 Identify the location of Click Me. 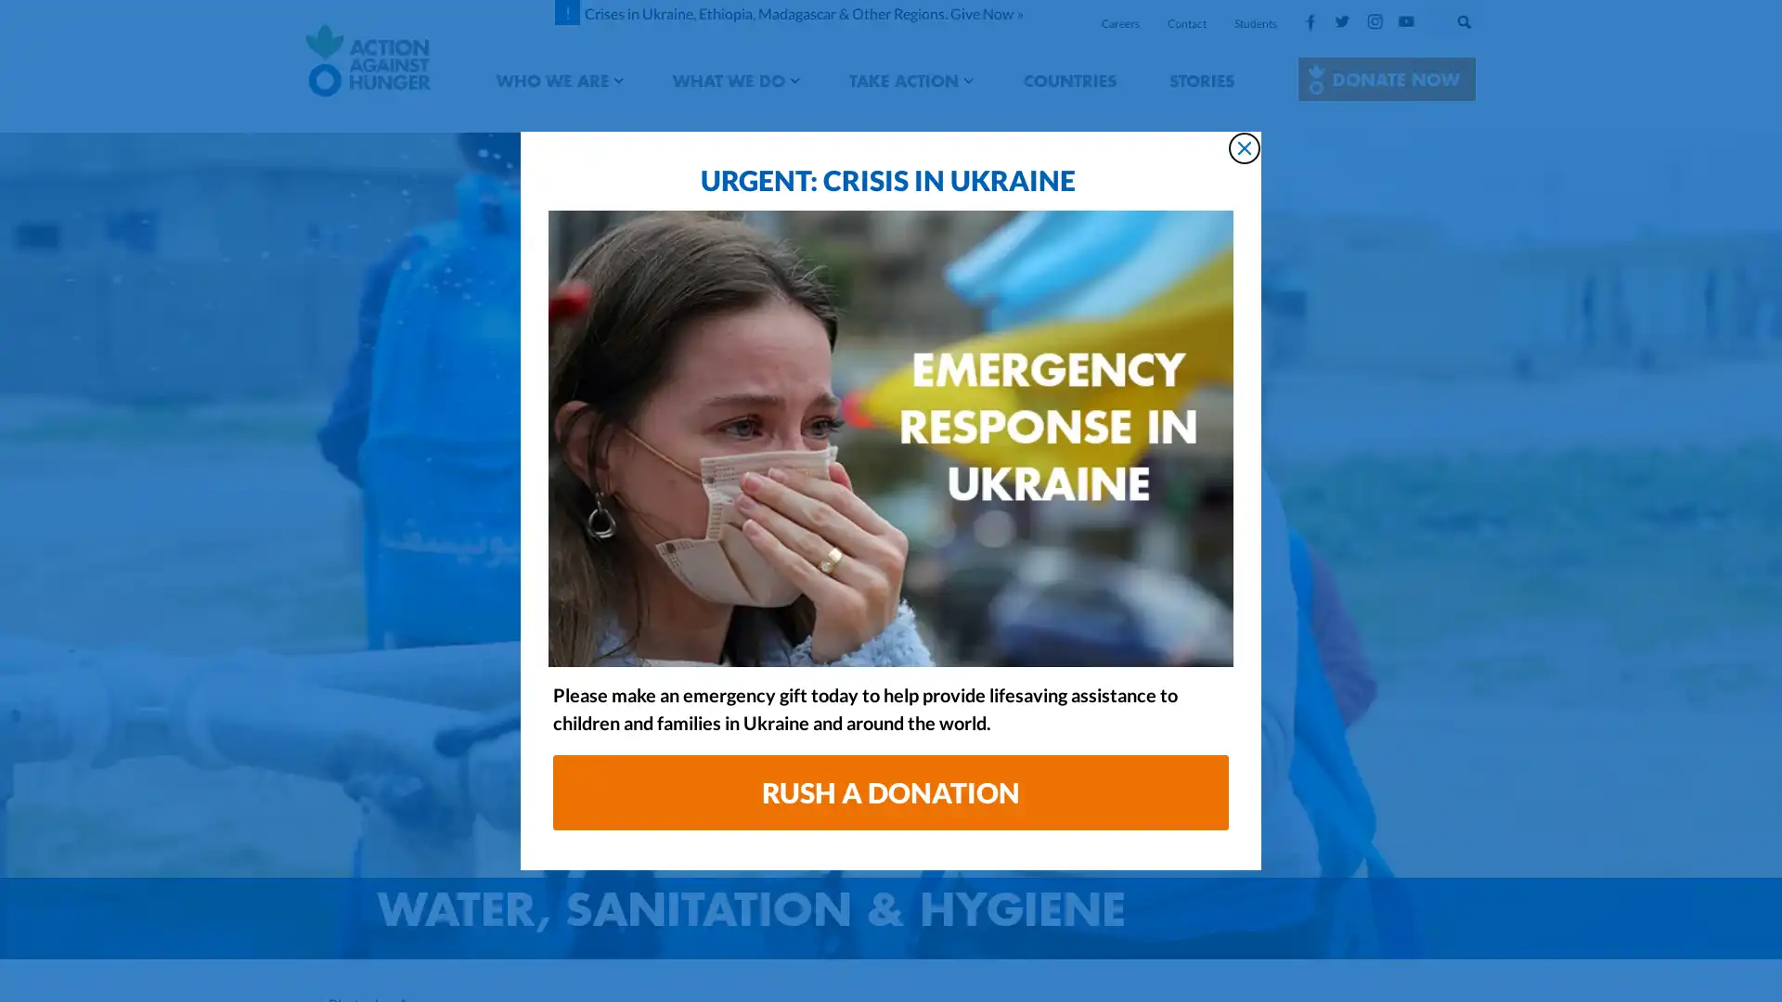
(1387, 78).